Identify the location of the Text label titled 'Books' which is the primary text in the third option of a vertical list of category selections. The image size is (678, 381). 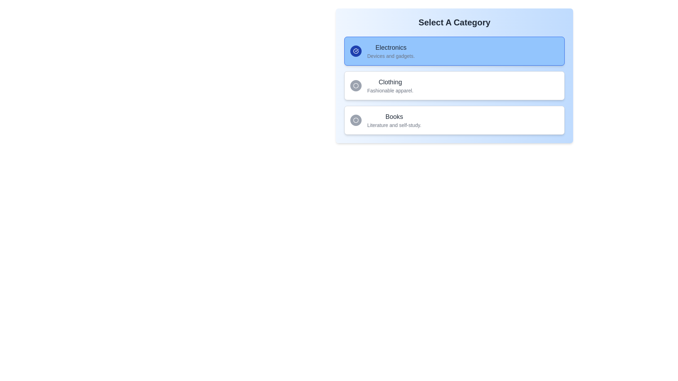
(394, 120).